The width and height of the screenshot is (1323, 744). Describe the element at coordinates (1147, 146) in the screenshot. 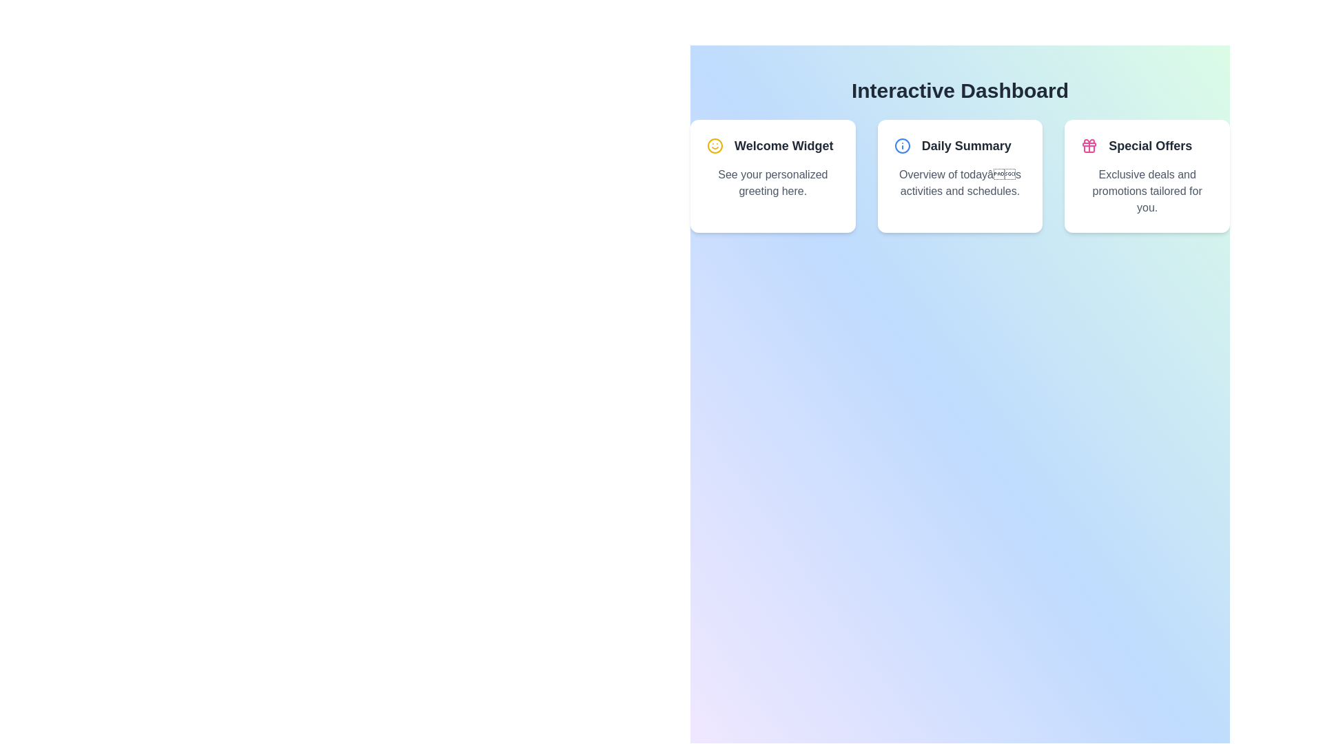

I see `the 'Special Offers' header element, which features bold dark gray text and a pink gift box icon on the left, located on the rightmost side of the layout` at that location.